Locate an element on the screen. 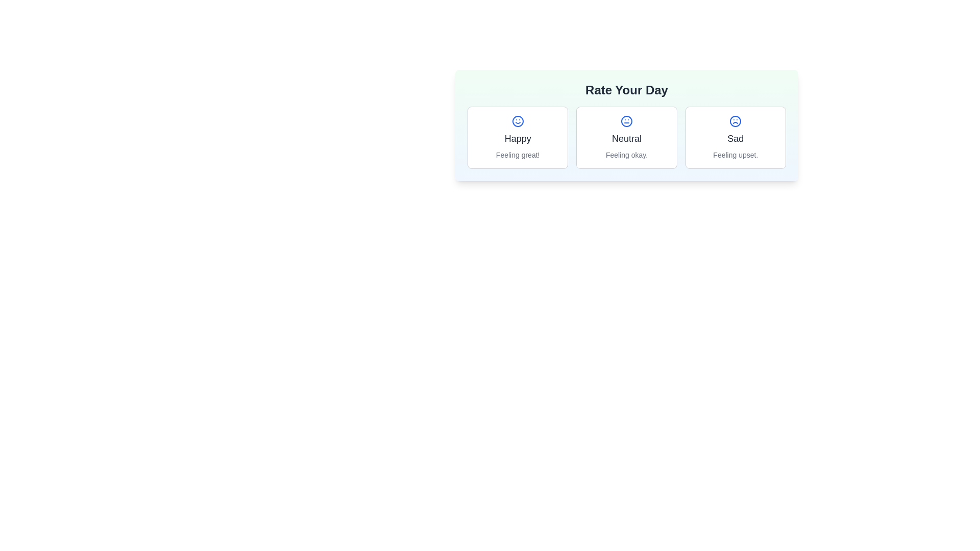 Image resolution: width=980 pixels, height=551 pixels. the selectable card widget labeled 'Sad' is located at coordinates (735, 138).